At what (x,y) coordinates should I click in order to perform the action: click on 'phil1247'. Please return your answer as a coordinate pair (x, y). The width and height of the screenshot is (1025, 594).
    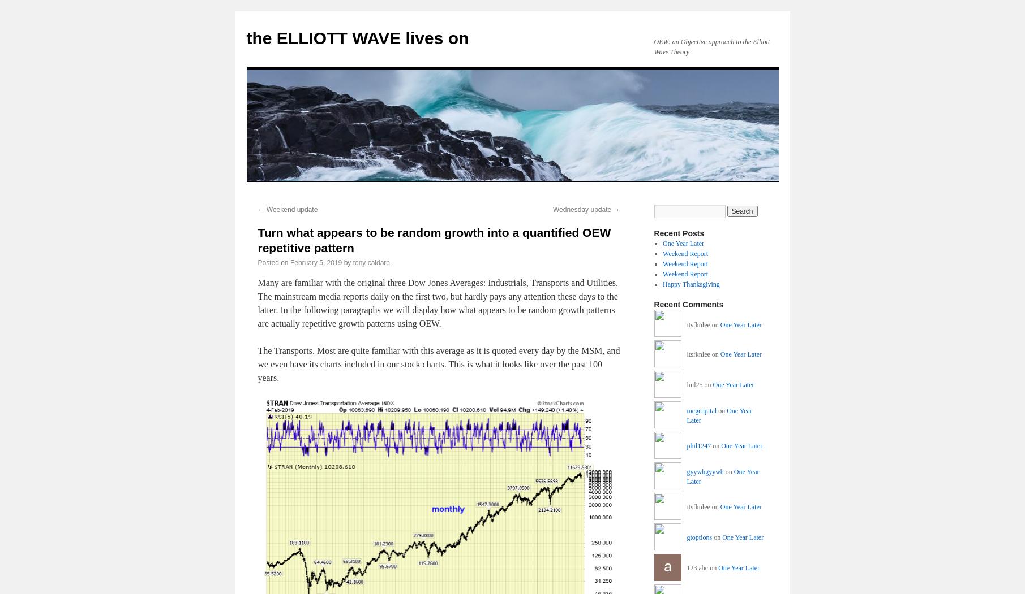
    Looking at the image, I should click on (698, 445).